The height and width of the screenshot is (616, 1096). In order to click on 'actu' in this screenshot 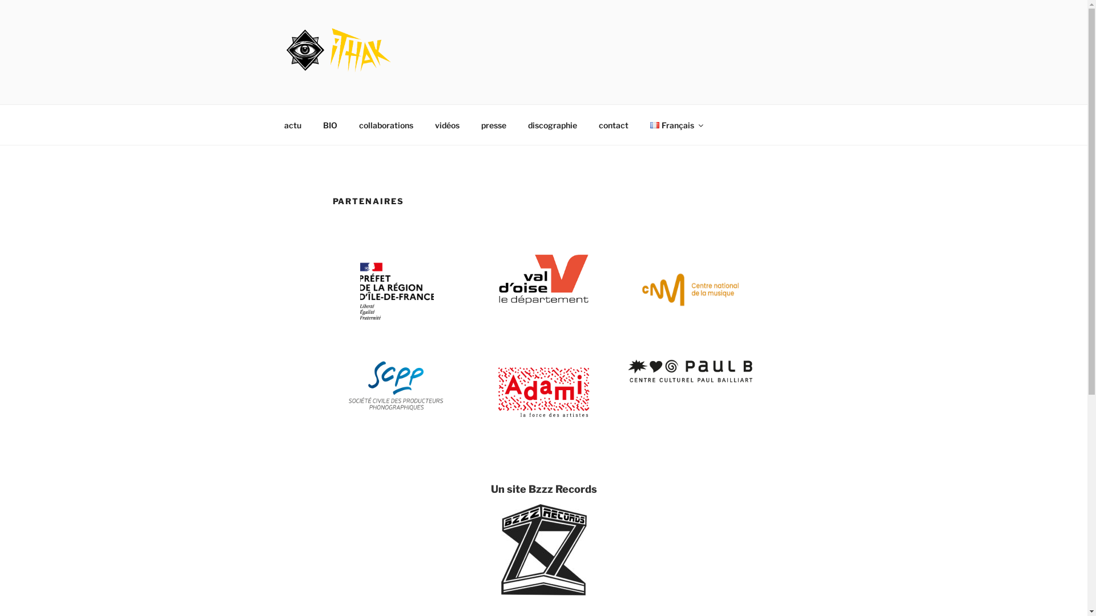, I will do `click(292, 124)`.